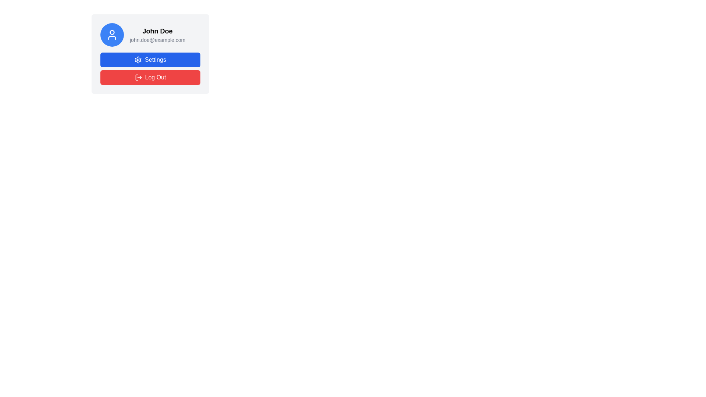 Image resolution: width=706 pixels, height=397 pixels. I want to click on the decorative graphical element representing the lower part of the user icon in the user profile panel, so click(112, 38).